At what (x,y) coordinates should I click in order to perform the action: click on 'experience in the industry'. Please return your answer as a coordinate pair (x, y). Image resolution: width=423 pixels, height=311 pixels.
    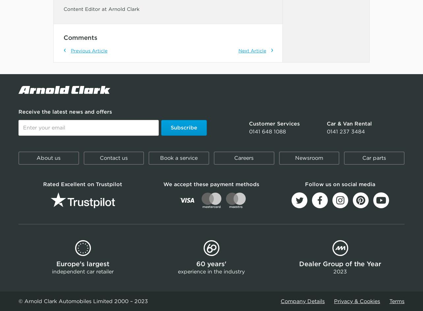
    Looking at the image, I should click on (211, 271).